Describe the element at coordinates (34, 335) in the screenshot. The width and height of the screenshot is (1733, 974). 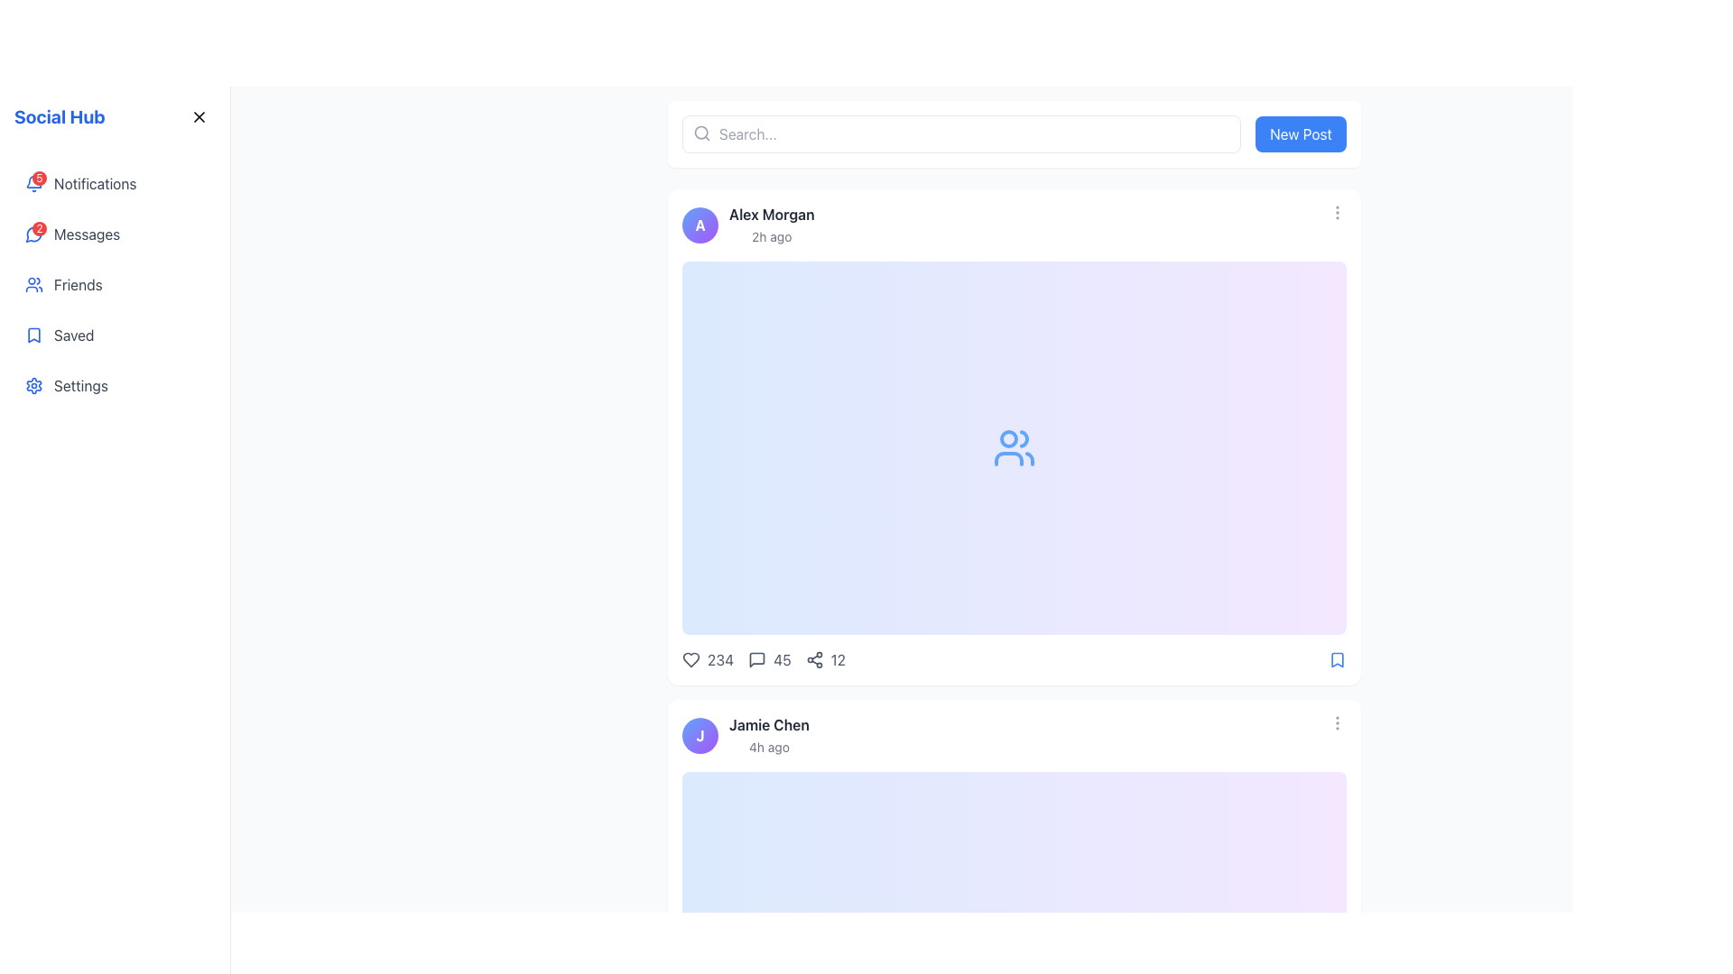
I see `the 'Saved' category icon in the sidebar menu, which is located adjacent to the 'Saved' text label, between the 'Friends' and 'Settings' options` at that location.